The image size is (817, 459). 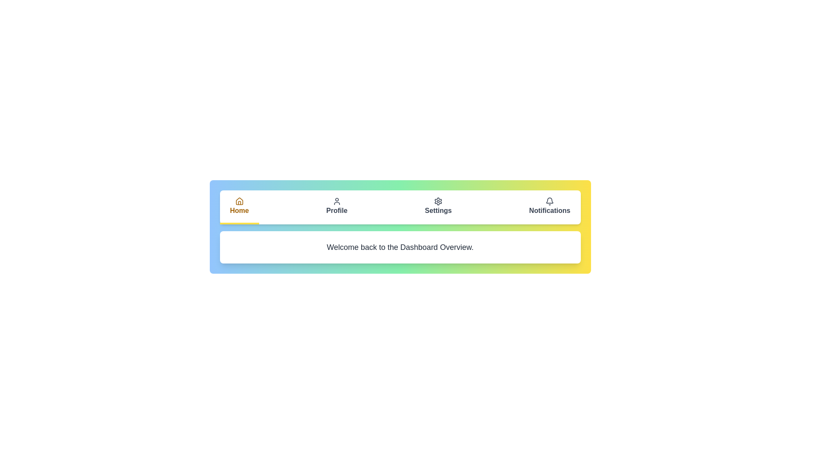 What do you see at coordinates (239, 210) in the screenshot?
I see `the 'Home' text label in the navigation bar, which indicates the tab leading to the dashboard of the application` at bounding box center [239, 210].